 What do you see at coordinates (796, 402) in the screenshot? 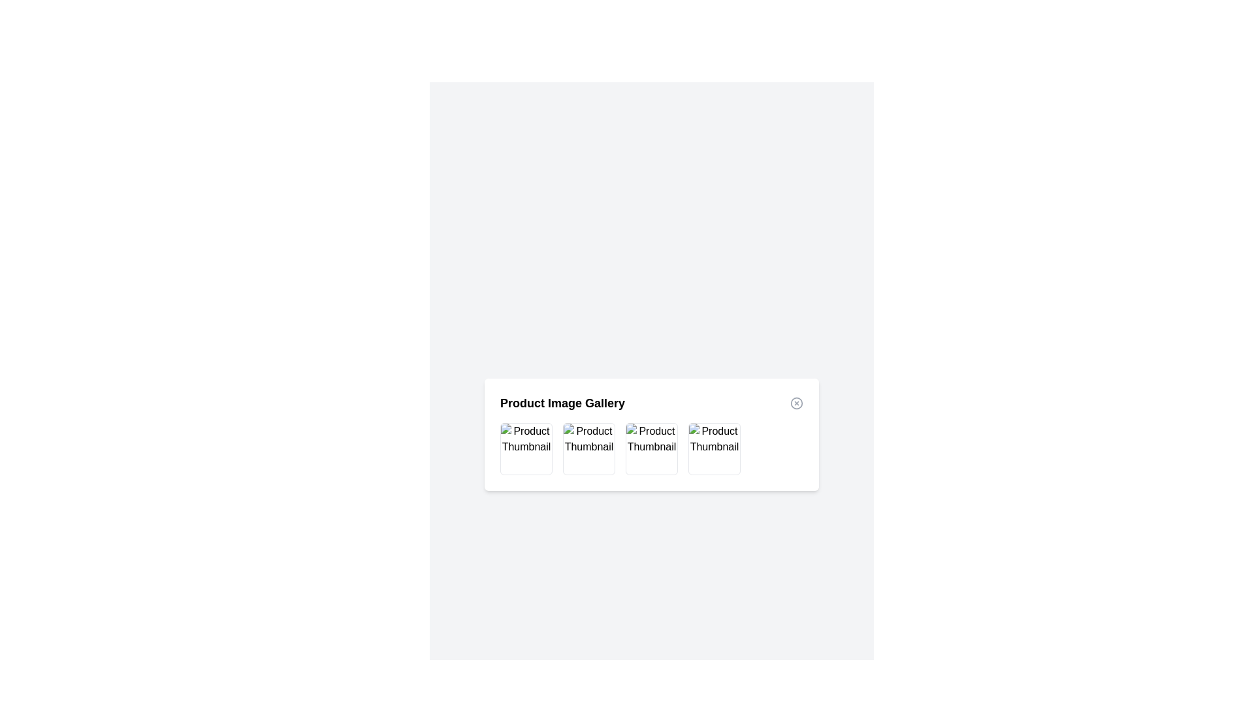
I see `the close button to close the dialog box` at bounding box center [796, 402].